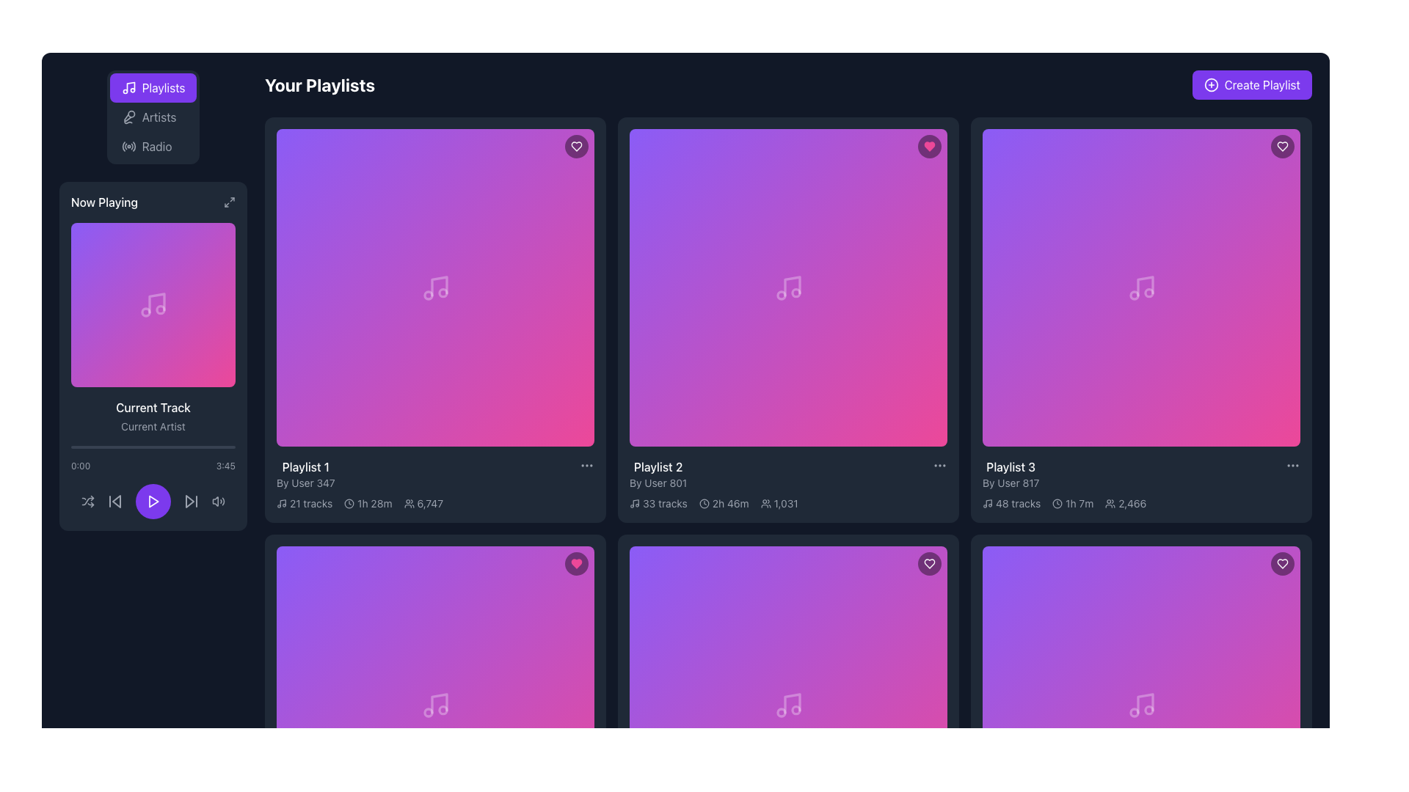 The height and width of the screenshot is (792, 1409). What do you see at coordinates (787, 704) in the screenshot?
I see `the play button located at the center of the sixth playlist card in the grid layout to initiate playback for the associated playlist` at bounding box center [787, 704].